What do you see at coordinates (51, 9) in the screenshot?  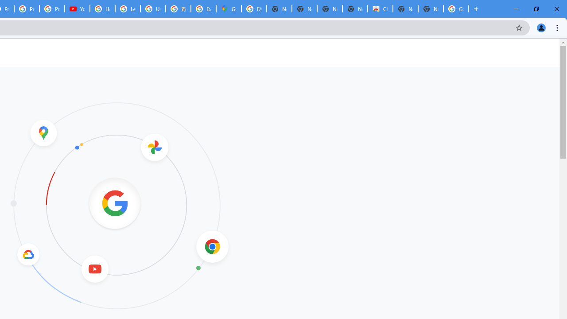 I see `'Privacy Checkup'` at bounding box center [51, 9].